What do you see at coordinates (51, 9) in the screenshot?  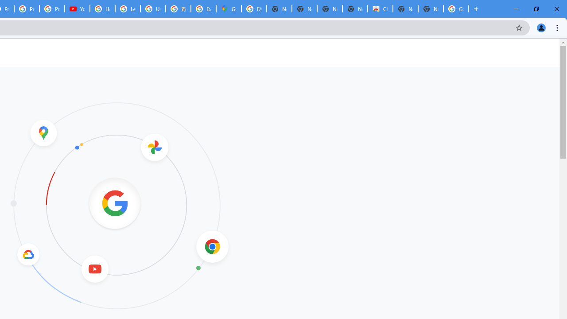 I see `'Privacy Checkup'` at bounding box center [51, 9].